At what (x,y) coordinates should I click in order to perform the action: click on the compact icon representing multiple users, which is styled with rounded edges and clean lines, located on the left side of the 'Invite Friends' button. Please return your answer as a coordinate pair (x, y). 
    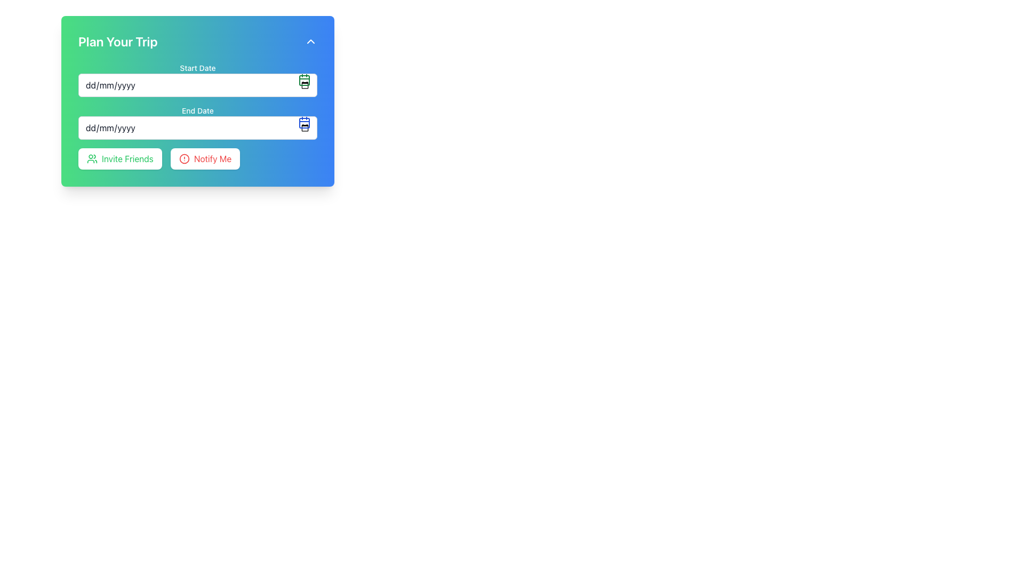
    Looking at the image, I should click on (92, 158).